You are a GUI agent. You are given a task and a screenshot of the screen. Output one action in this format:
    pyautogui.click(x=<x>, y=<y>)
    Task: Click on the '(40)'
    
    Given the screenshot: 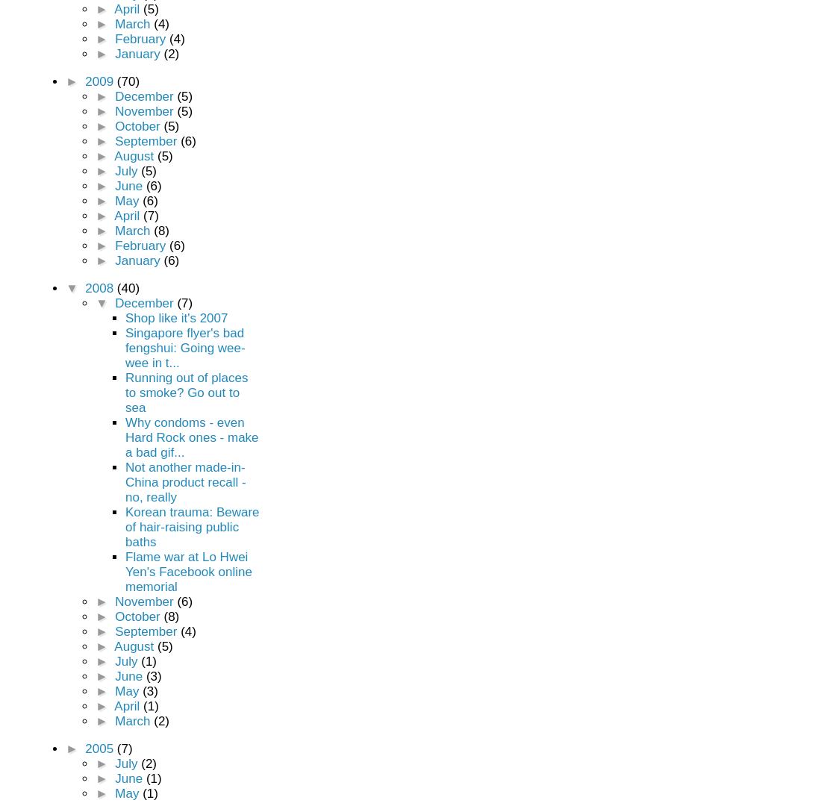 What is the action you would take?
    pyautogui.click(x=127, y=287)
    